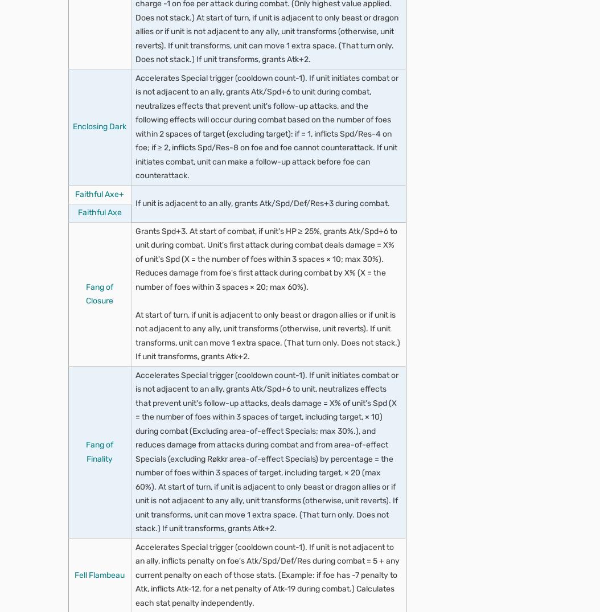 This screenshot has width=600, height=612. I want to click on 'Attuned Skills', so click(273, 592).